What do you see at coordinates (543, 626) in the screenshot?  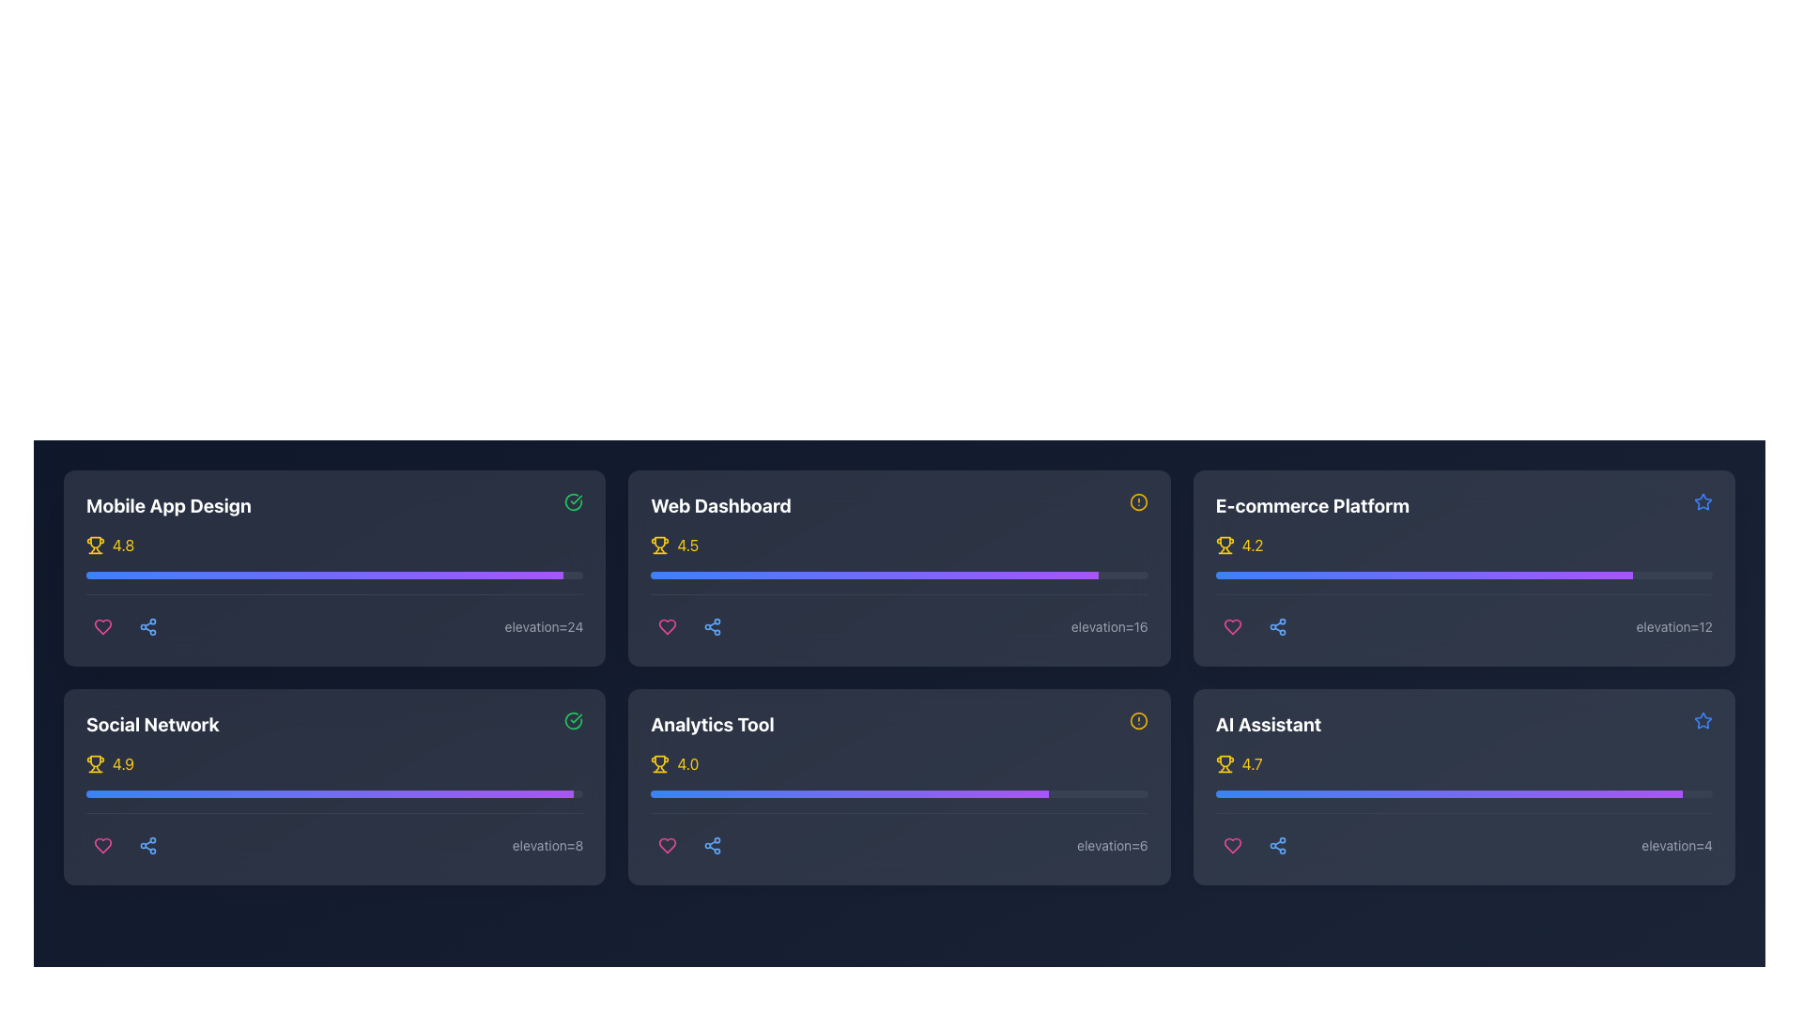 I see `the text displaying 'elevation=24' located at the bottom-right corner of the 'Mobile App Design' card` at bounding box center [543, 626].